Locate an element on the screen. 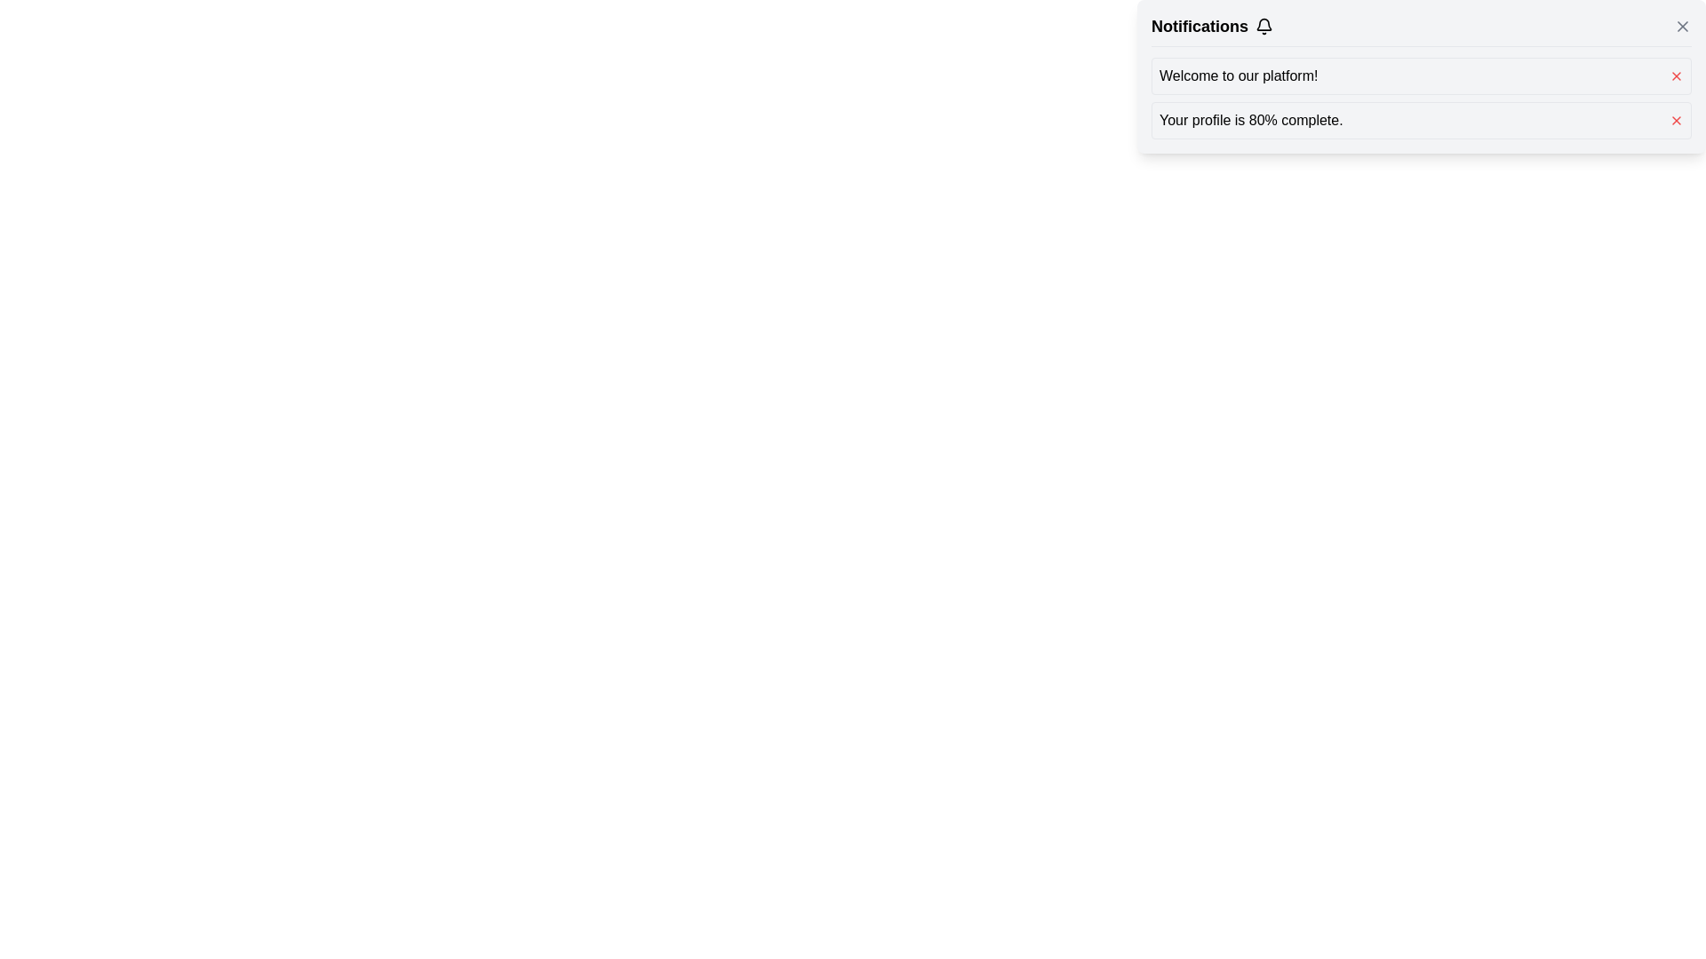 The image size is (1706, 959). text displayed in the text field that says 'Your profile is 80% complete.' is located at coordinates (1250, 120).